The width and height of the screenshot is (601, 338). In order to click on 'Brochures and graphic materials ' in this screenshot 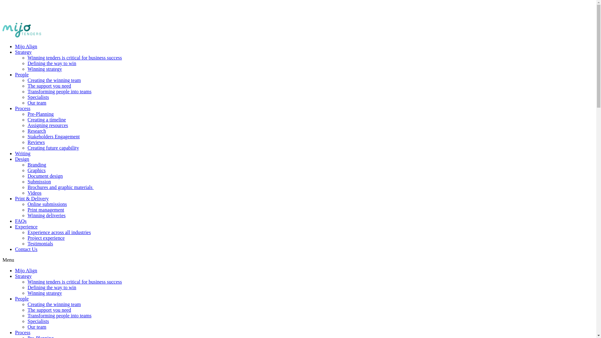, I will do `click(60, 187)`.